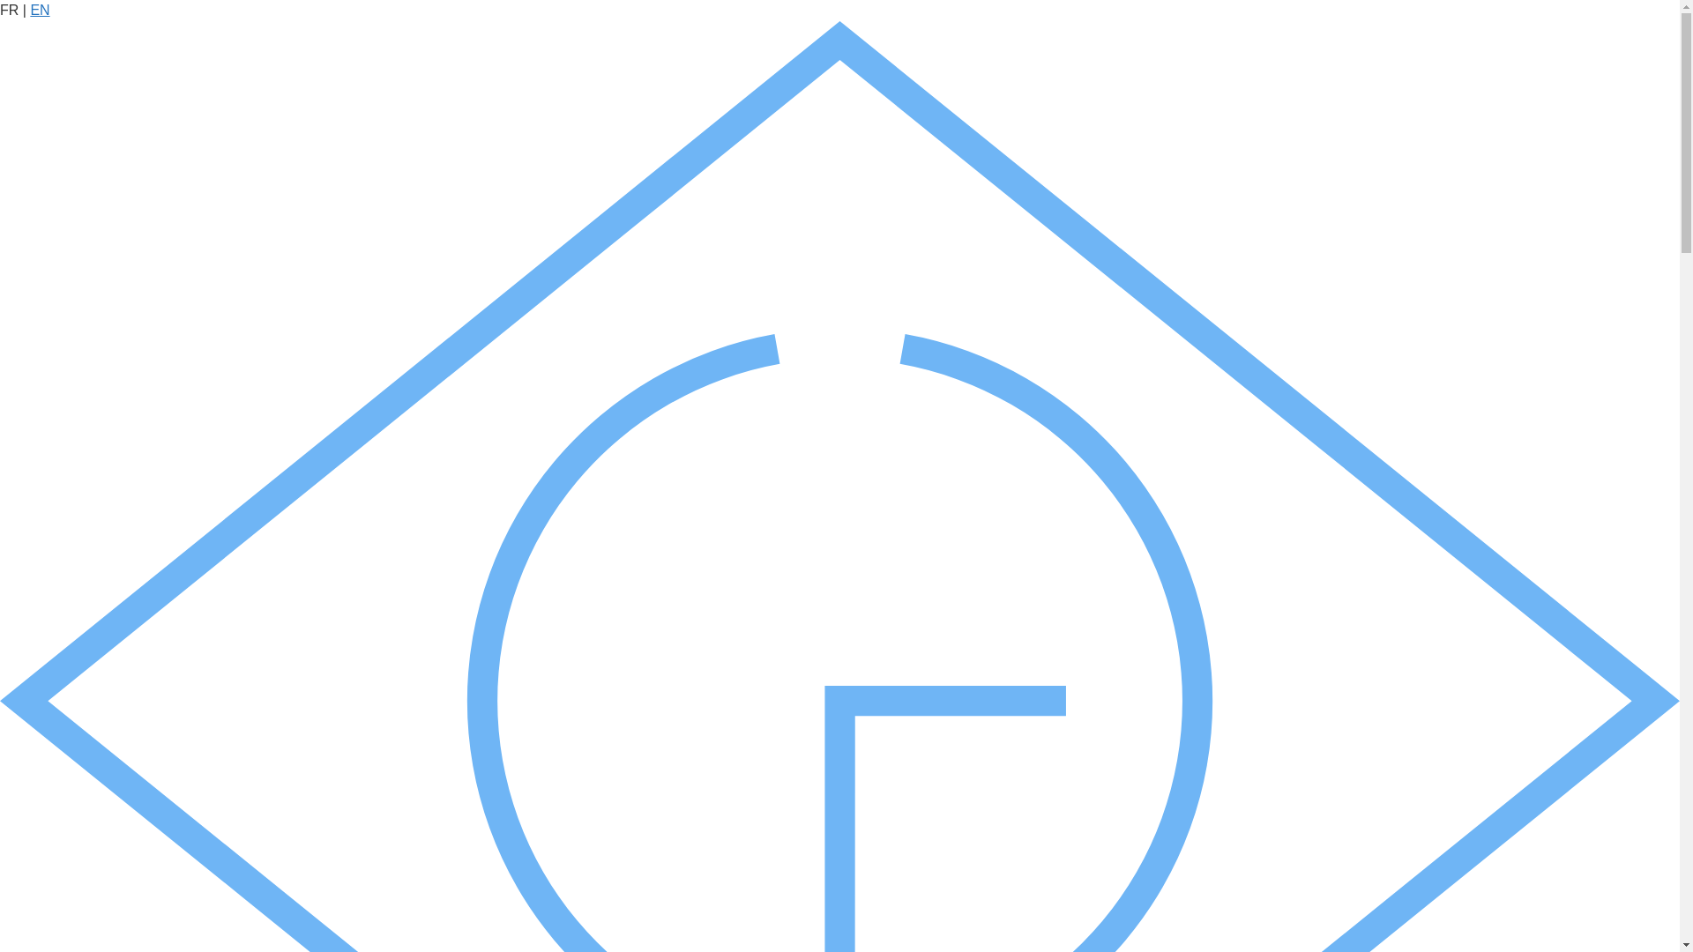 The image size is (1693, 952). I want to click on 'EN', so click(29, 10).